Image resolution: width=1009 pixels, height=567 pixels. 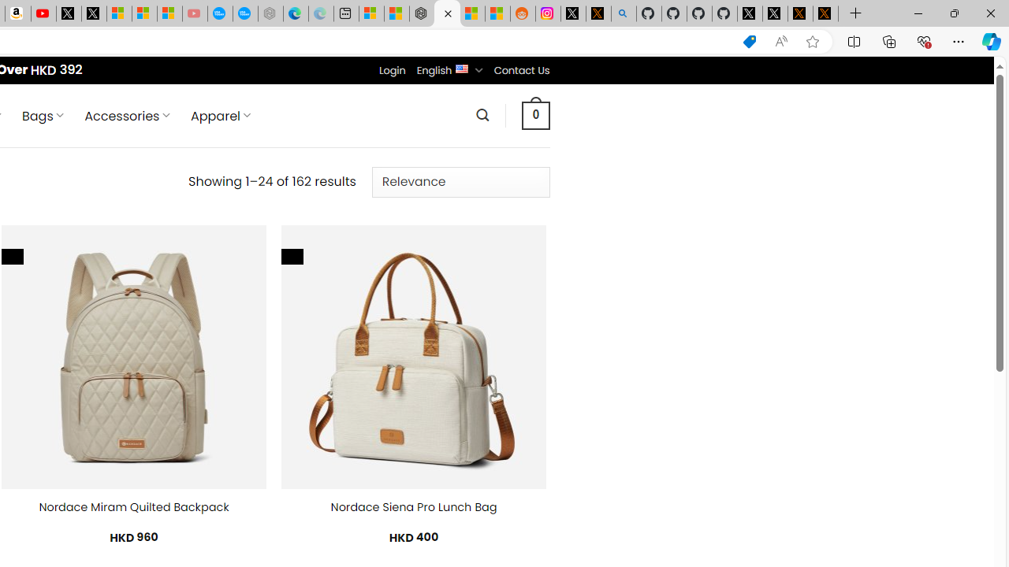 What do you see at coordinates (991, 40) in the screenshot?
I see `'Copilot (Ctrl+Shift+.)'` at bounding box center [991, 40].